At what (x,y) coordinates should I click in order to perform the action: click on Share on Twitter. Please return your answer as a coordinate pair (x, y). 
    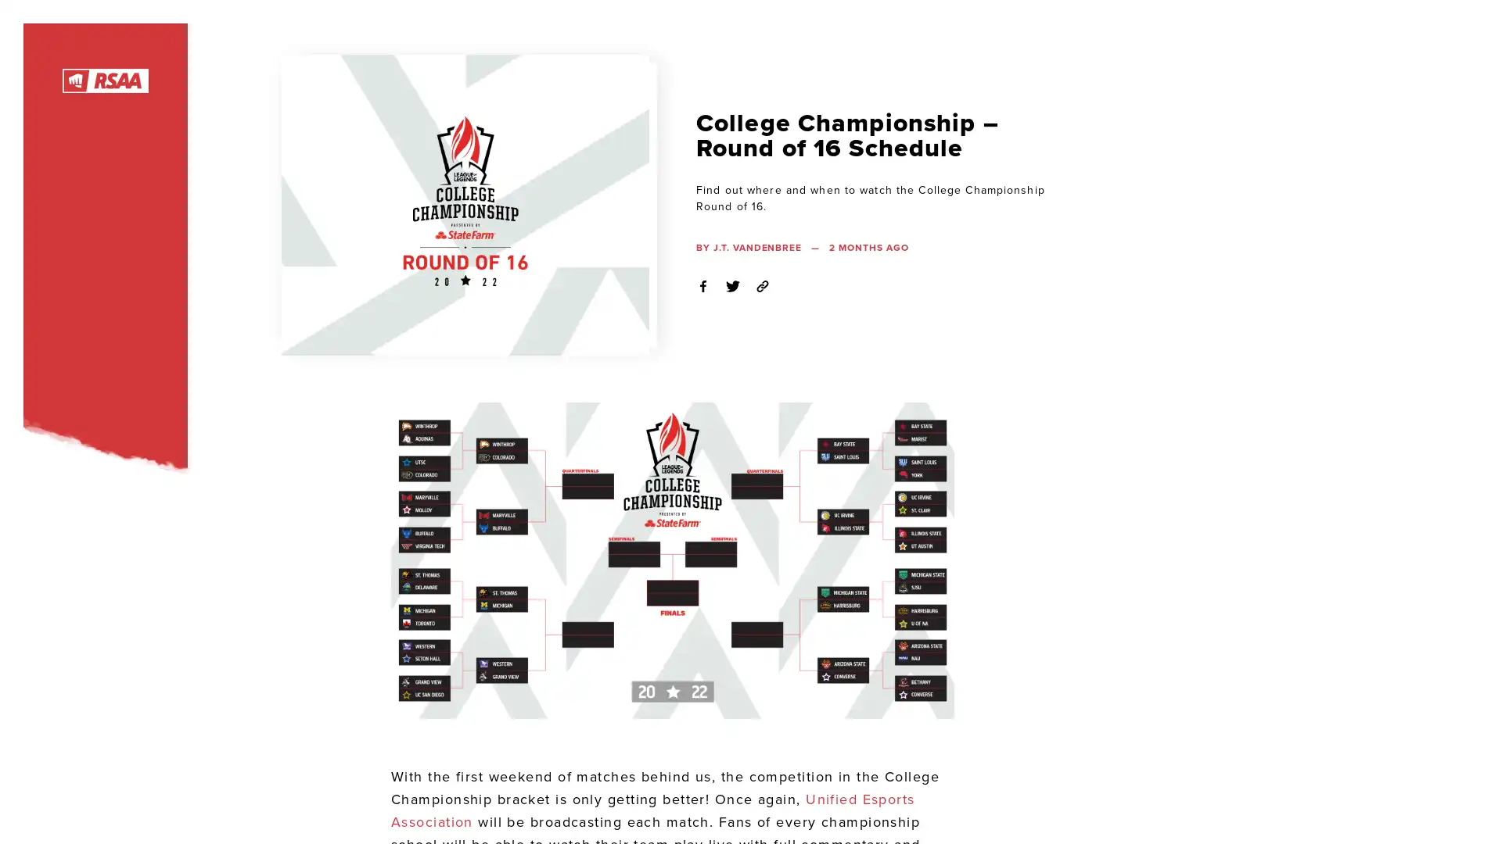
    Looking at the image, I should click on (731, 286).